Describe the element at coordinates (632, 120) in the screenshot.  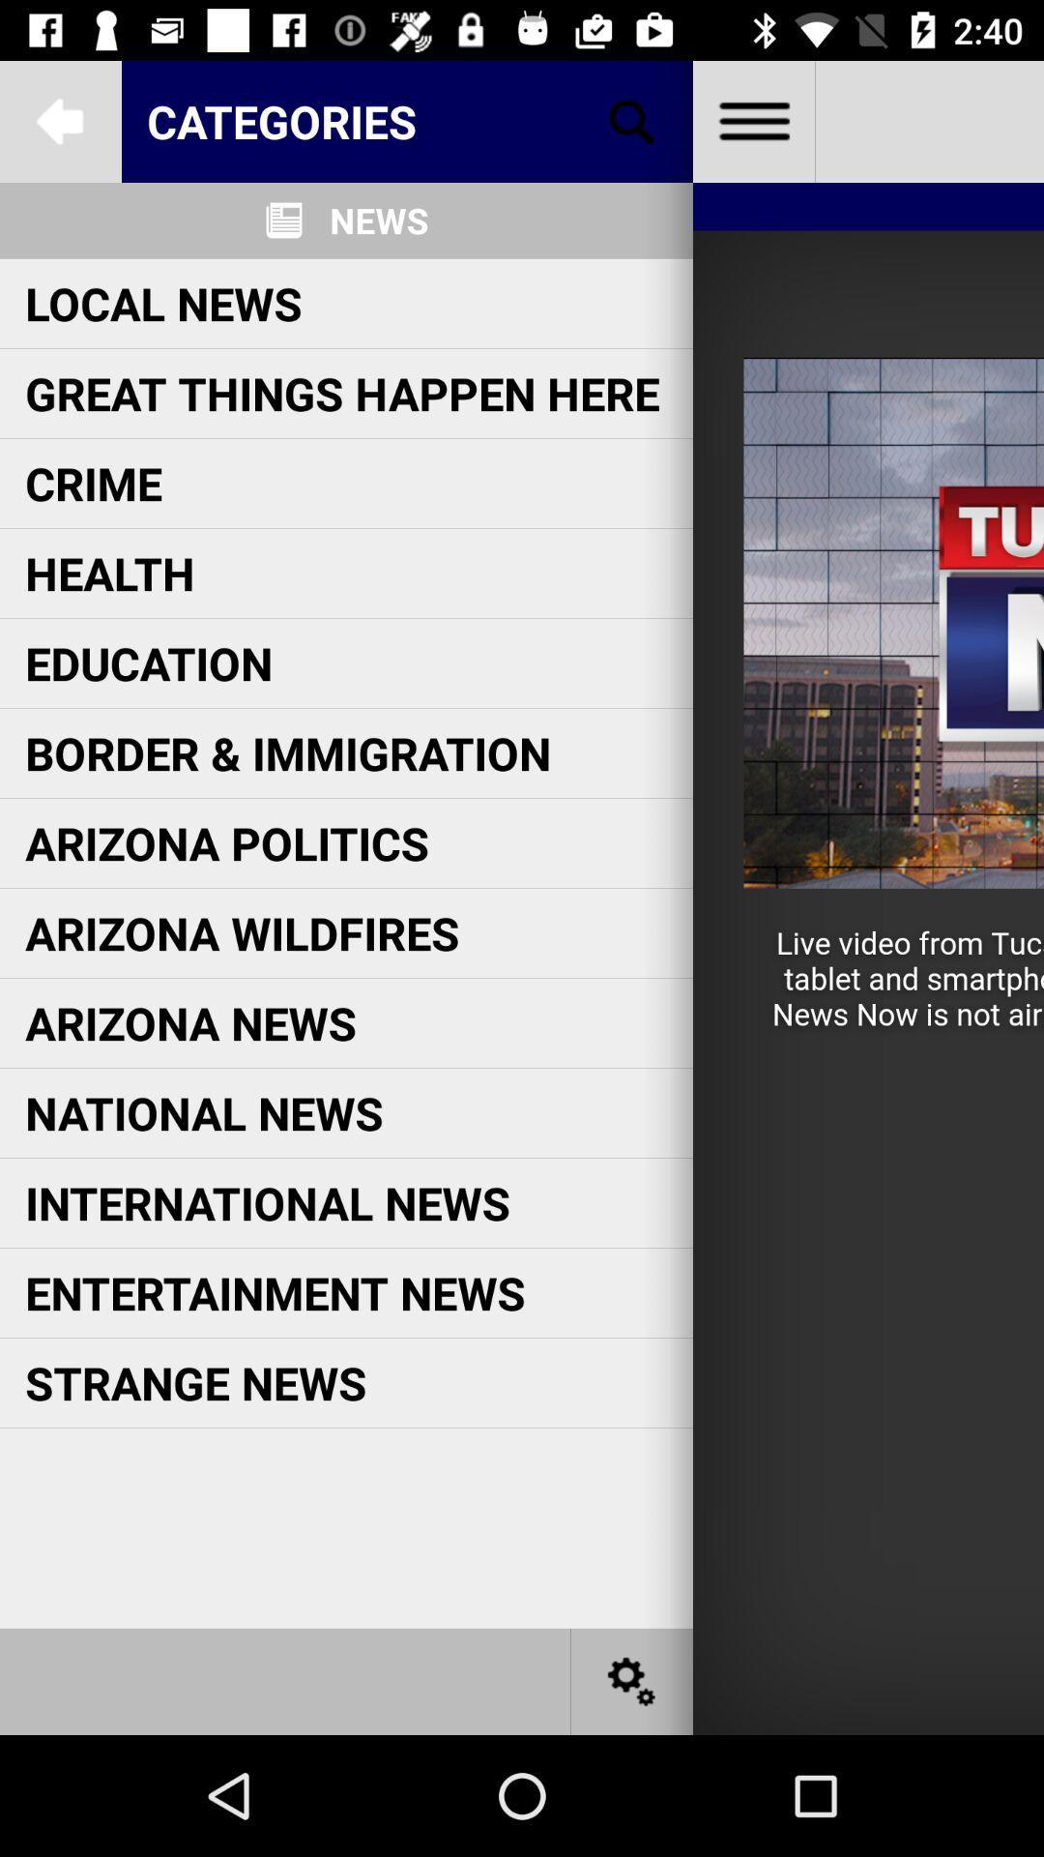
I see `the search icon` at that location.